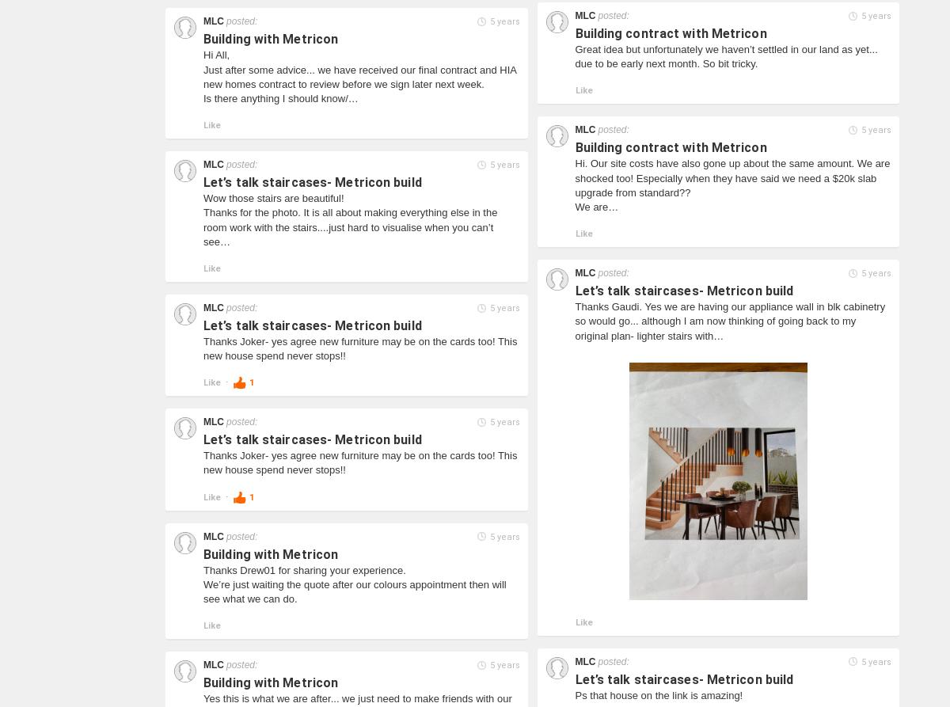 The image size is (950, 707). What do you see at coordinates (215, 55) in the screenshot?
I see `'Hi All,'` at bounding box center [215, 55].